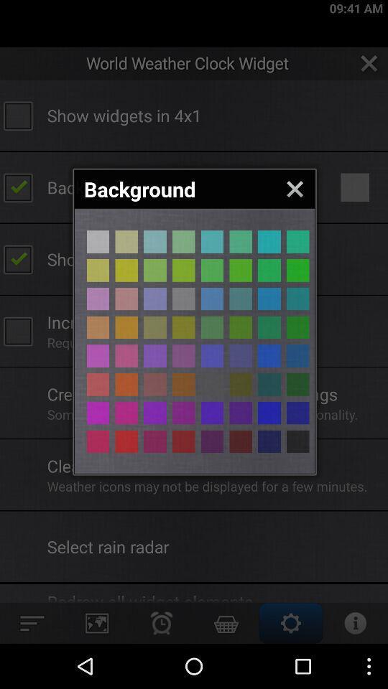 This screenshot has width=388, height=689. I want to click on coloring page, so click(154, 355).